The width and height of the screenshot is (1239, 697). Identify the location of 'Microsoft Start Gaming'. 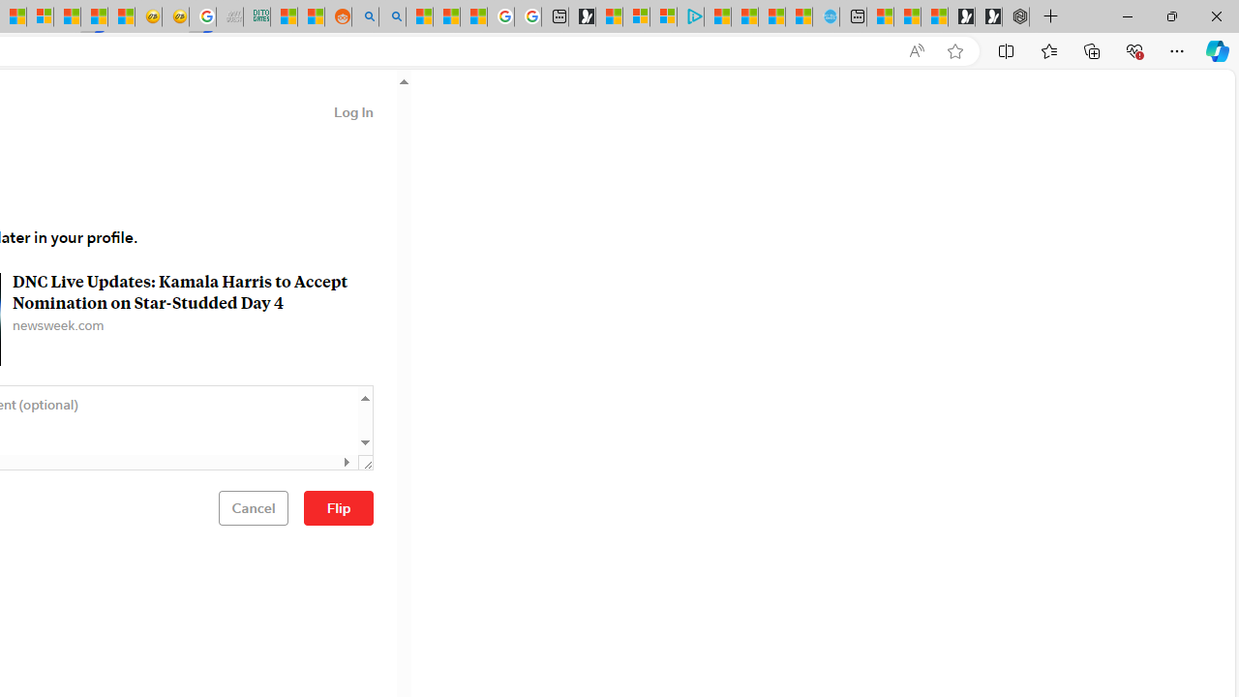
(581, 16).